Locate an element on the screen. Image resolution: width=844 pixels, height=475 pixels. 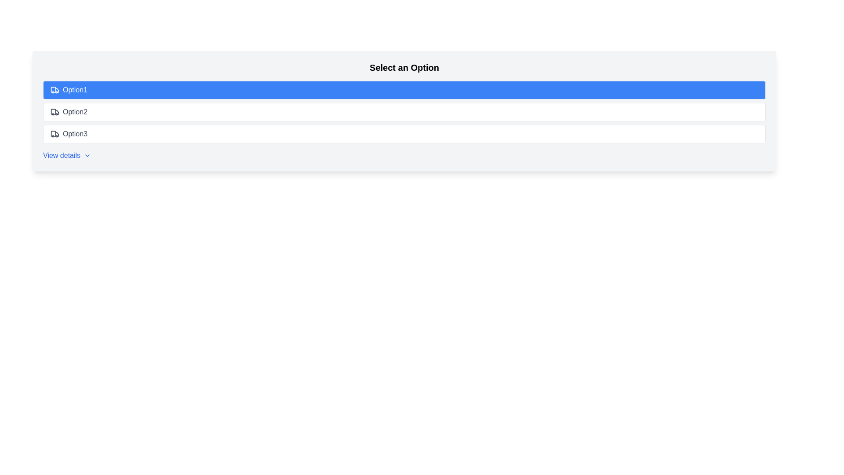
the truck icon, which is a minimalistic white icon on a blue background, located to the left of the 'Option1' text in the currently selected option row is located at coordinates (54, 90).